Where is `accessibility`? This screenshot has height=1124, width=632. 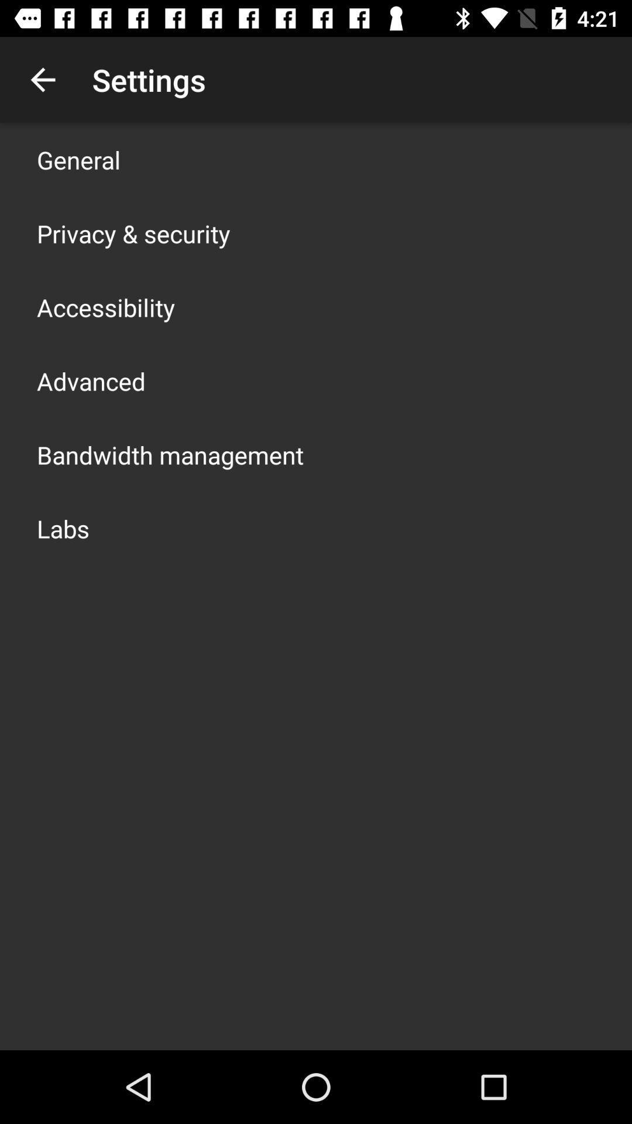
accessibility is located at coordinates (106, 307).